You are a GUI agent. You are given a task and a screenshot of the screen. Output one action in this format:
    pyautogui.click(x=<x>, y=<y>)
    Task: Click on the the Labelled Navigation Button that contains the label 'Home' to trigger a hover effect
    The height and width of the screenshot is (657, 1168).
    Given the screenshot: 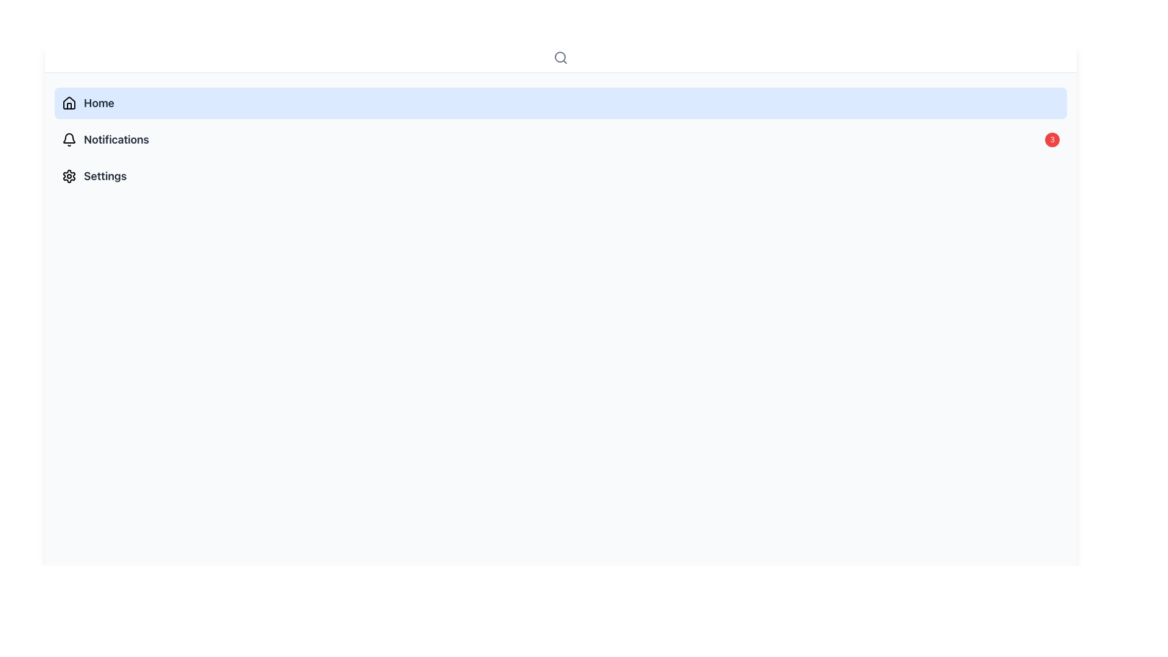 What is the action you would take?
    pyautogui.click(x=87, y=102)
    